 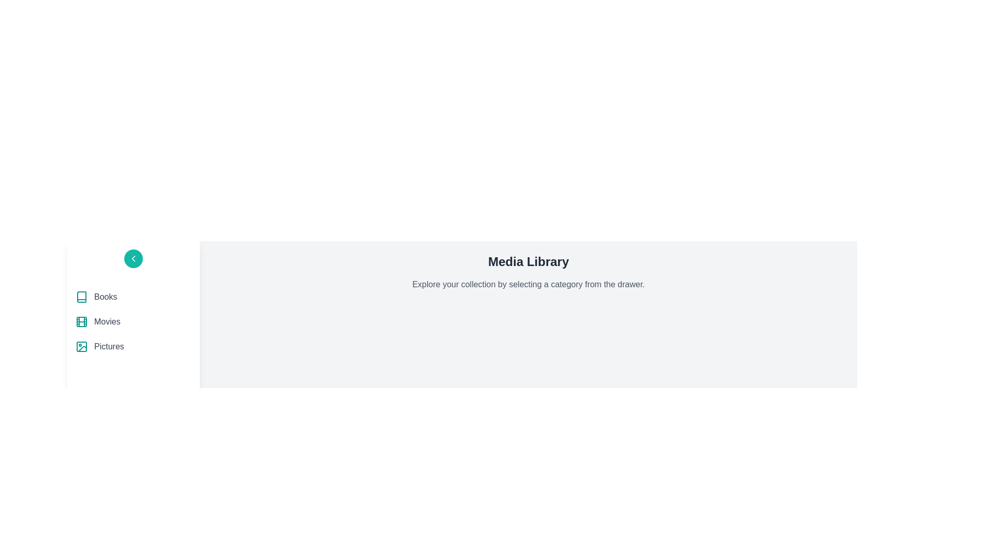 What do you see at coordinates (133, 297) in the screenshot?
I see `the category Books in the drawer to explore it` at bounding box center [133, 297].